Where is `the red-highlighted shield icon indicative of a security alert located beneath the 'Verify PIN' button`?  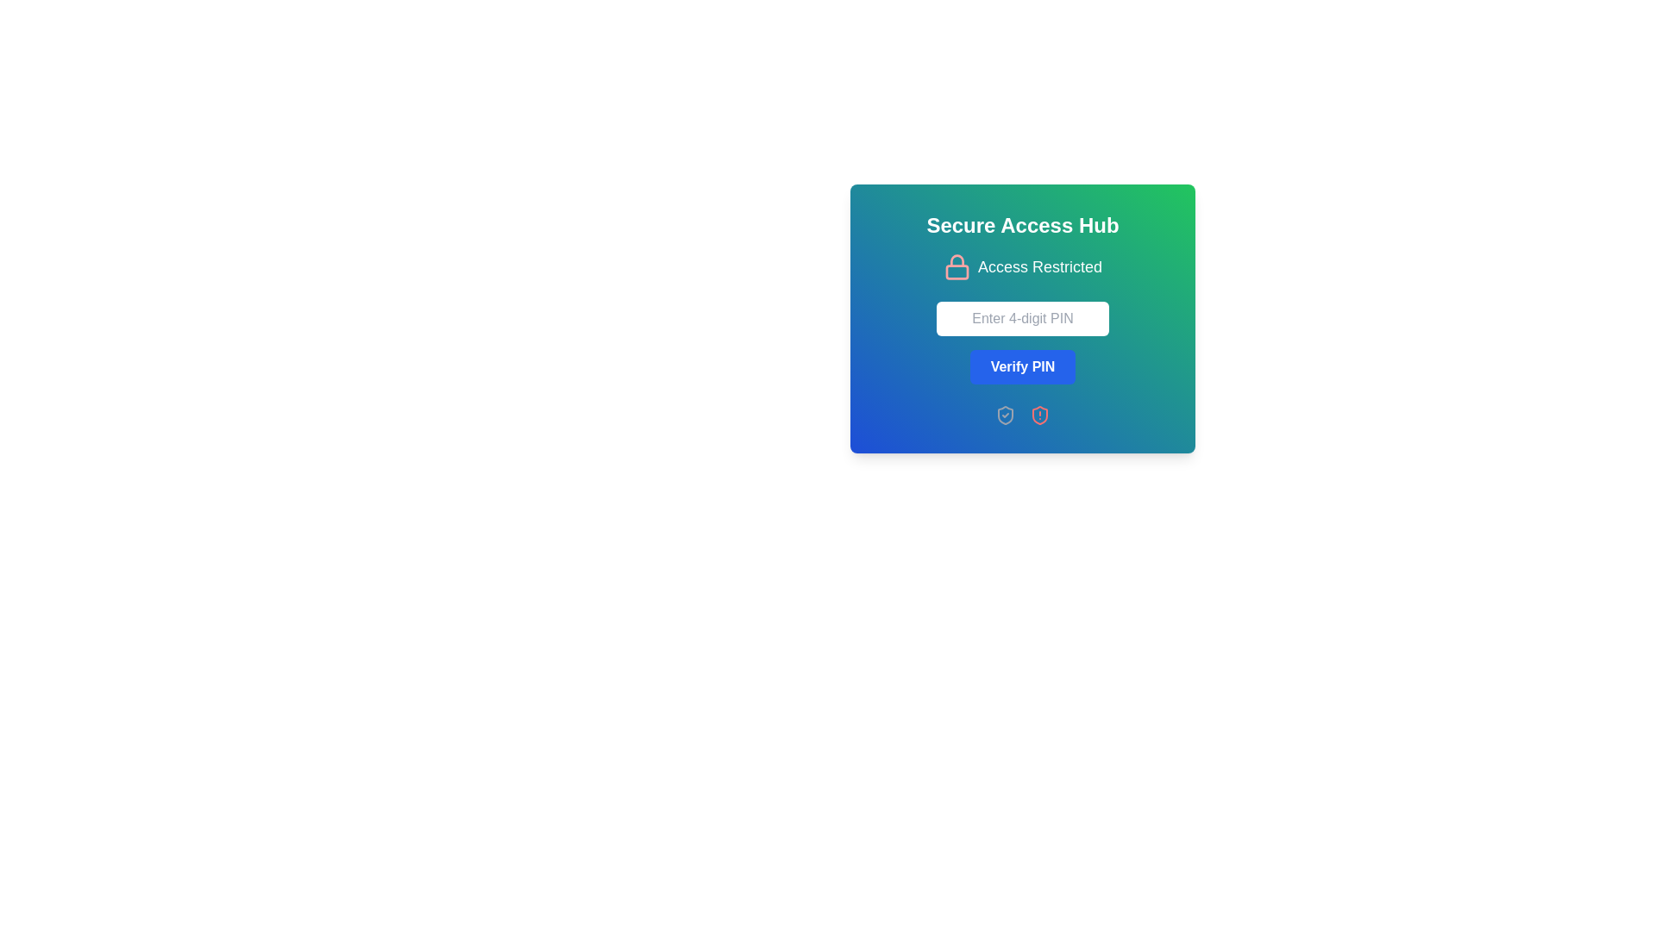
the red-highlighted shield icon indicative of a security alert located beneath the 'Verify PIN' button is located at coordinates (1038, 416).